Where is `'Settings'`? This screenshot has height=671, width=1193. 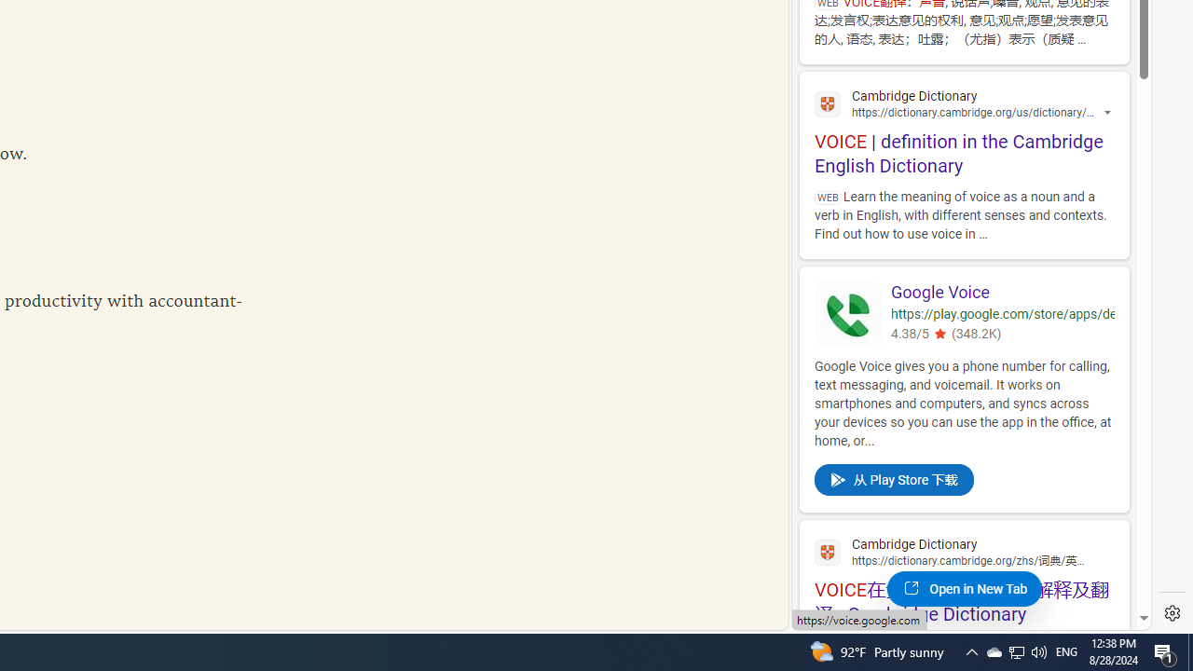 'Settings' is located at coordinates (1172, 613).